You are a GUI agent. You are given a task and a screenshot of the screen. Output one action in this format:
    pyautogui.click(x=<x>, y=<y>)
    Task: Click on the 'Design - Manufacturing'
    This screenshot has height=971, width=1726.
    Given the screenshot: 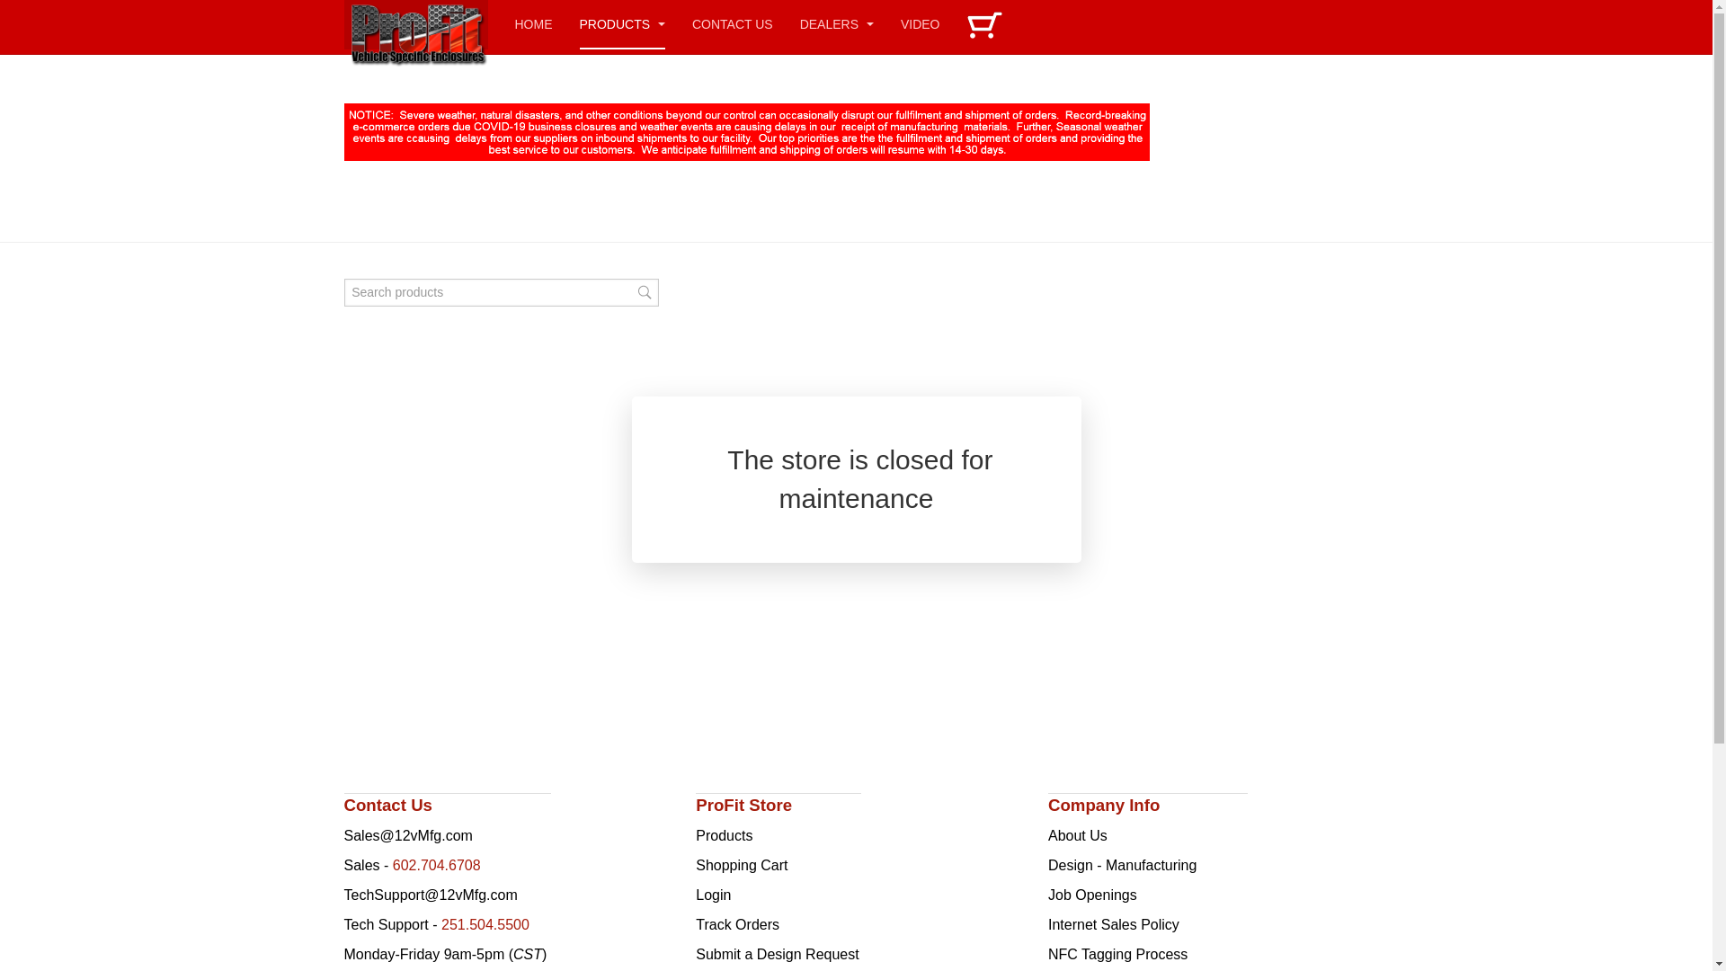 What is the action you would take?
    pyautogui.click(x=1048, y=864)
    